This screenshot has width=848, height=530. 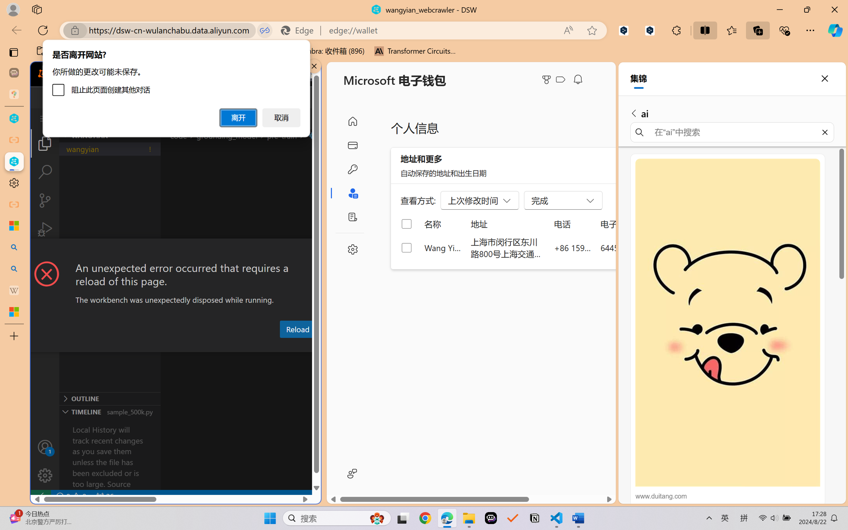 I want to click on 'Copilot (Ctrl+Shift+.)', so click(x=835, y=30).